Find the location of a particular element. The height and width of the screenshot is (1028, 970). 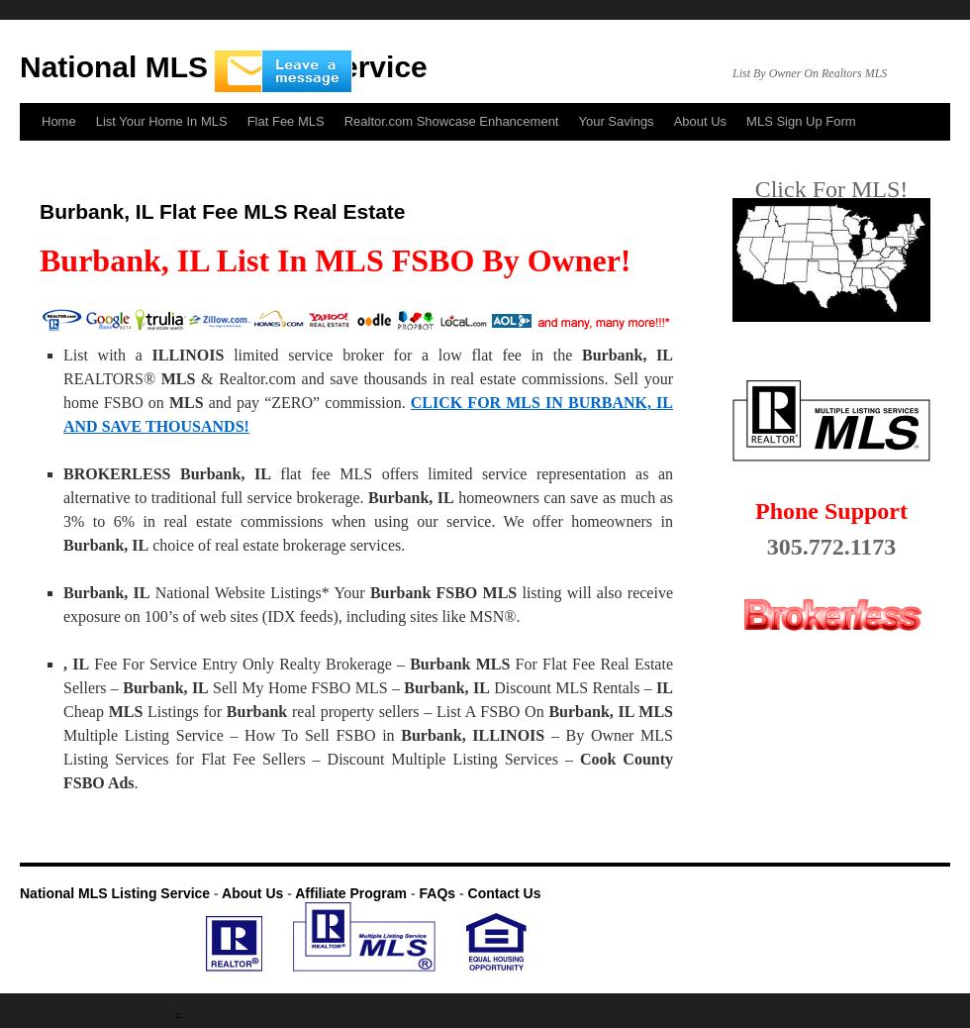

'For Flat Fee Real Estate Sellers –' is located at coordinates (61, 674).